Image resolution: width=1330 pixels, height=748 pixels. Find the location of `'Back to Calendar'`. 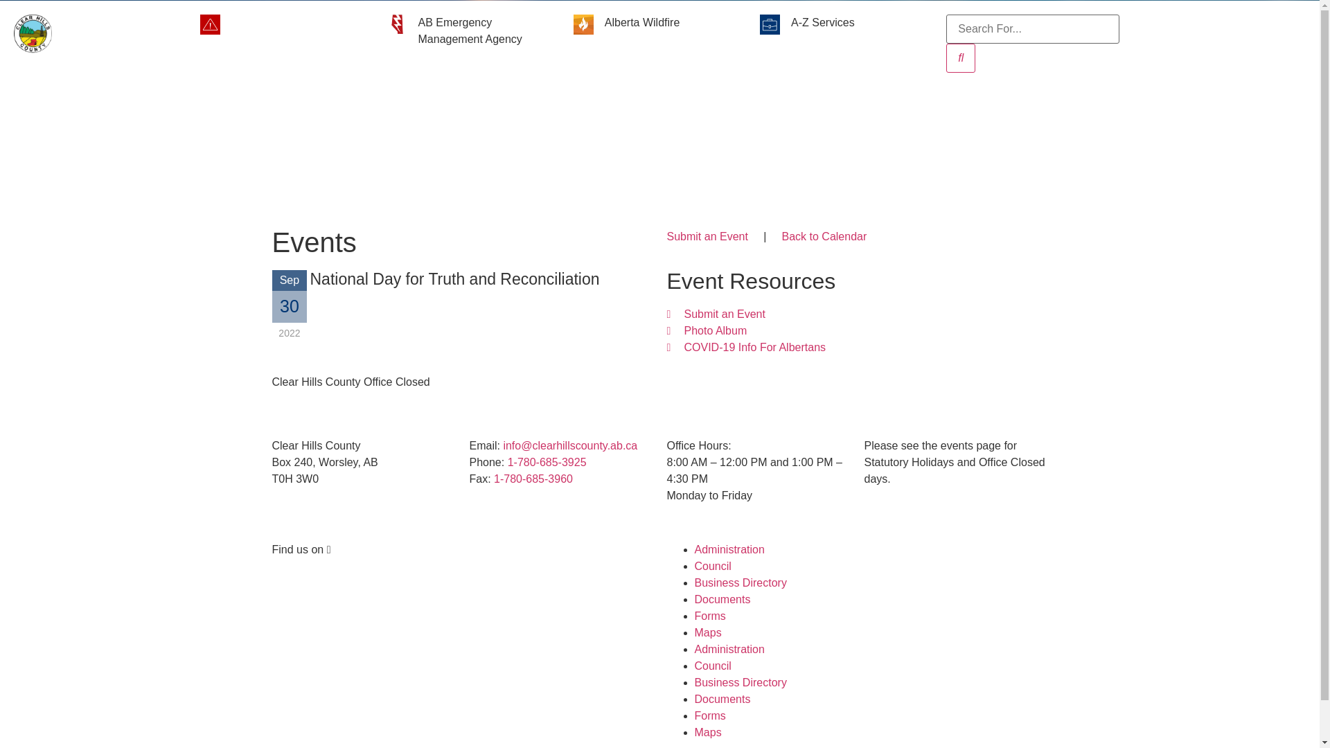

'Back to Calendar' is located at coordinates (781, 235).